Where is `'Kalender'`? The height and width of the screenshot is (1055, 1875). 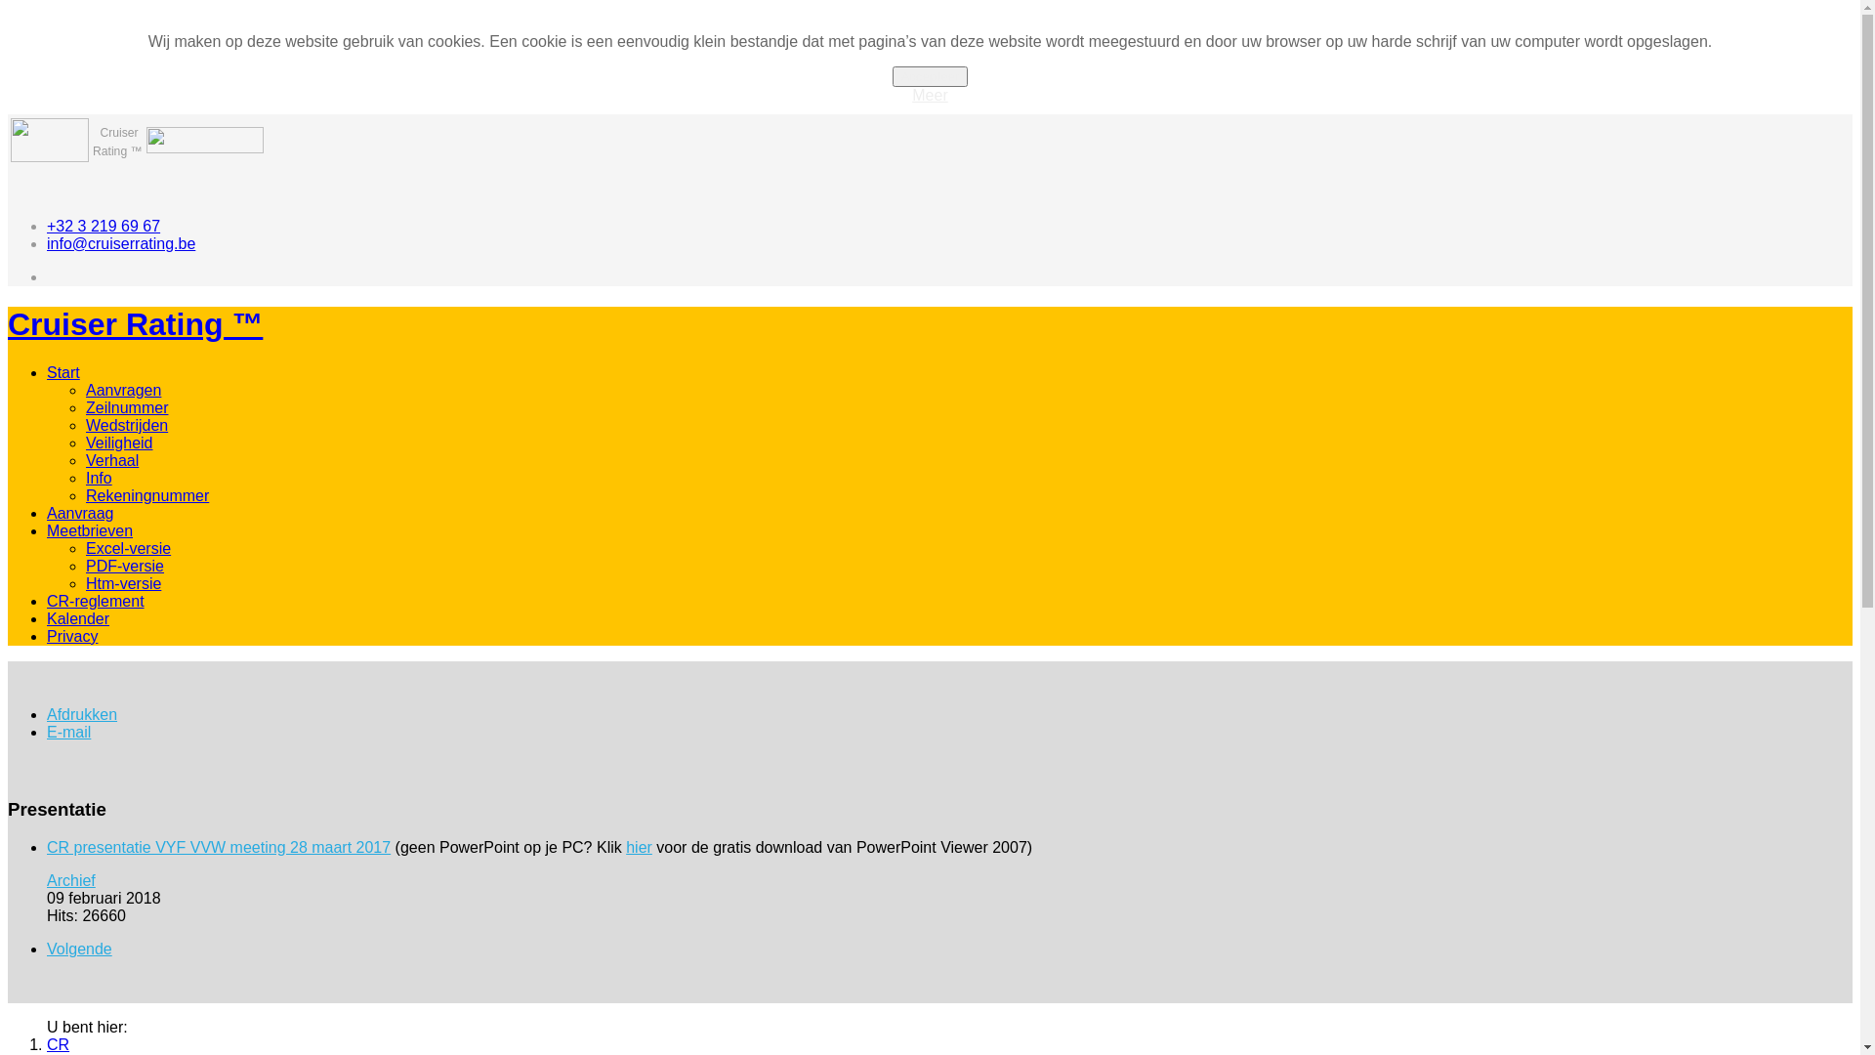
'Kalender' is located at coordinates (78, 618).